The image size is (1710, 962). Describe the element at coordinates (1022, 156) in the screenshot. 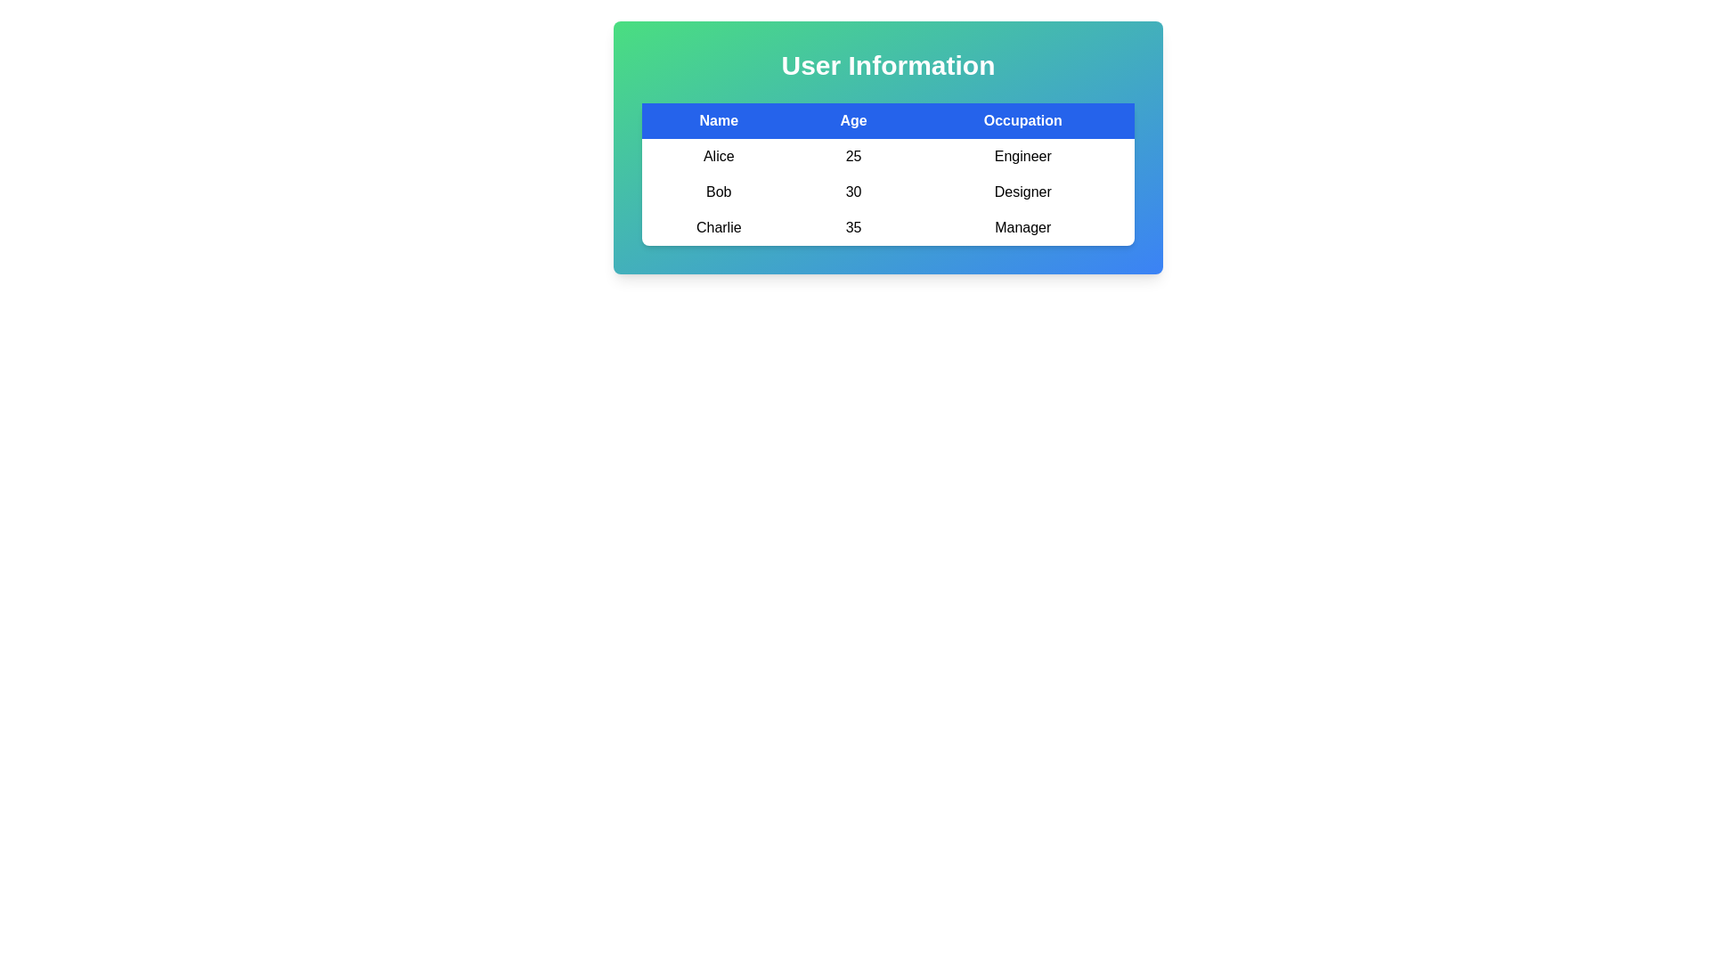

I see `text 'Engineer' from the table cell located in the third cell of the first row in the 'Occupation' column under the 'User Information' section` at that location.